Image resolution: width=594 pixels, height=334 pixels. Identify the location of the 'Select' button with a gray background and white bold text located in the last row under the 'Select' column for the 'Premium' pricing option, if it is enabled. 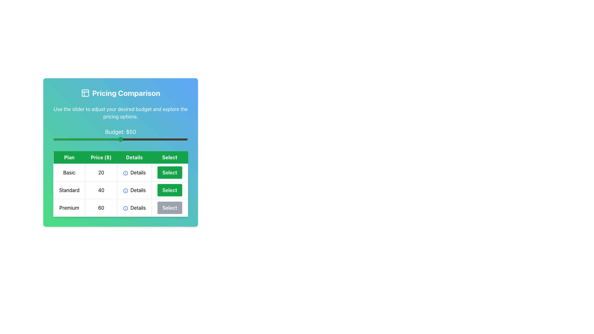
(170, 208).